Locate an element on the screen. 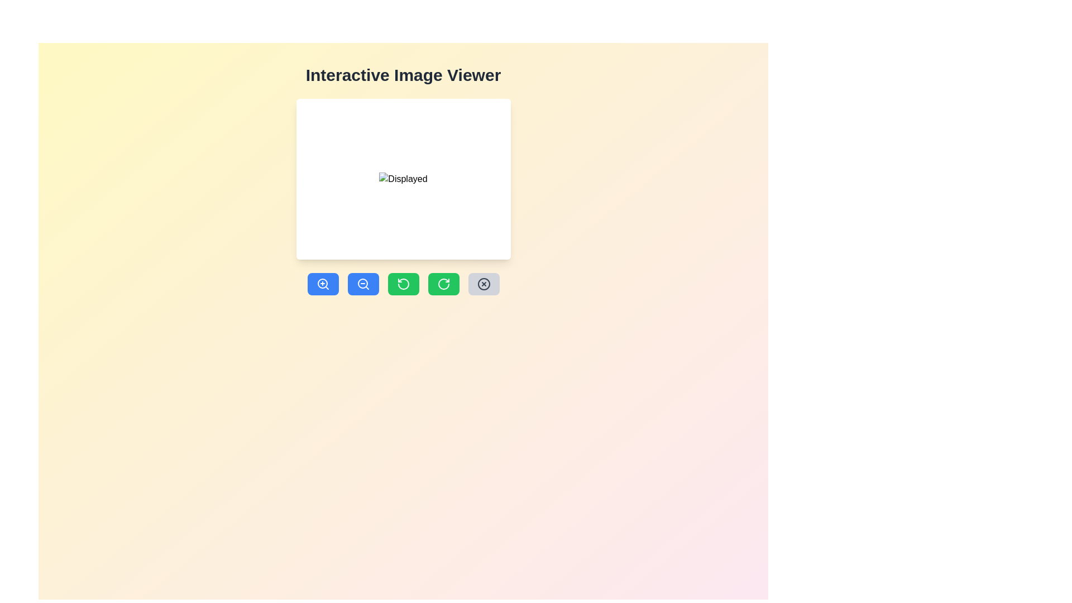 The width and height of the screenshot is (1072, 603). the zoom-in button located in the bottom-left area of the horizontal toolbar is located at coordinates (322, 284).